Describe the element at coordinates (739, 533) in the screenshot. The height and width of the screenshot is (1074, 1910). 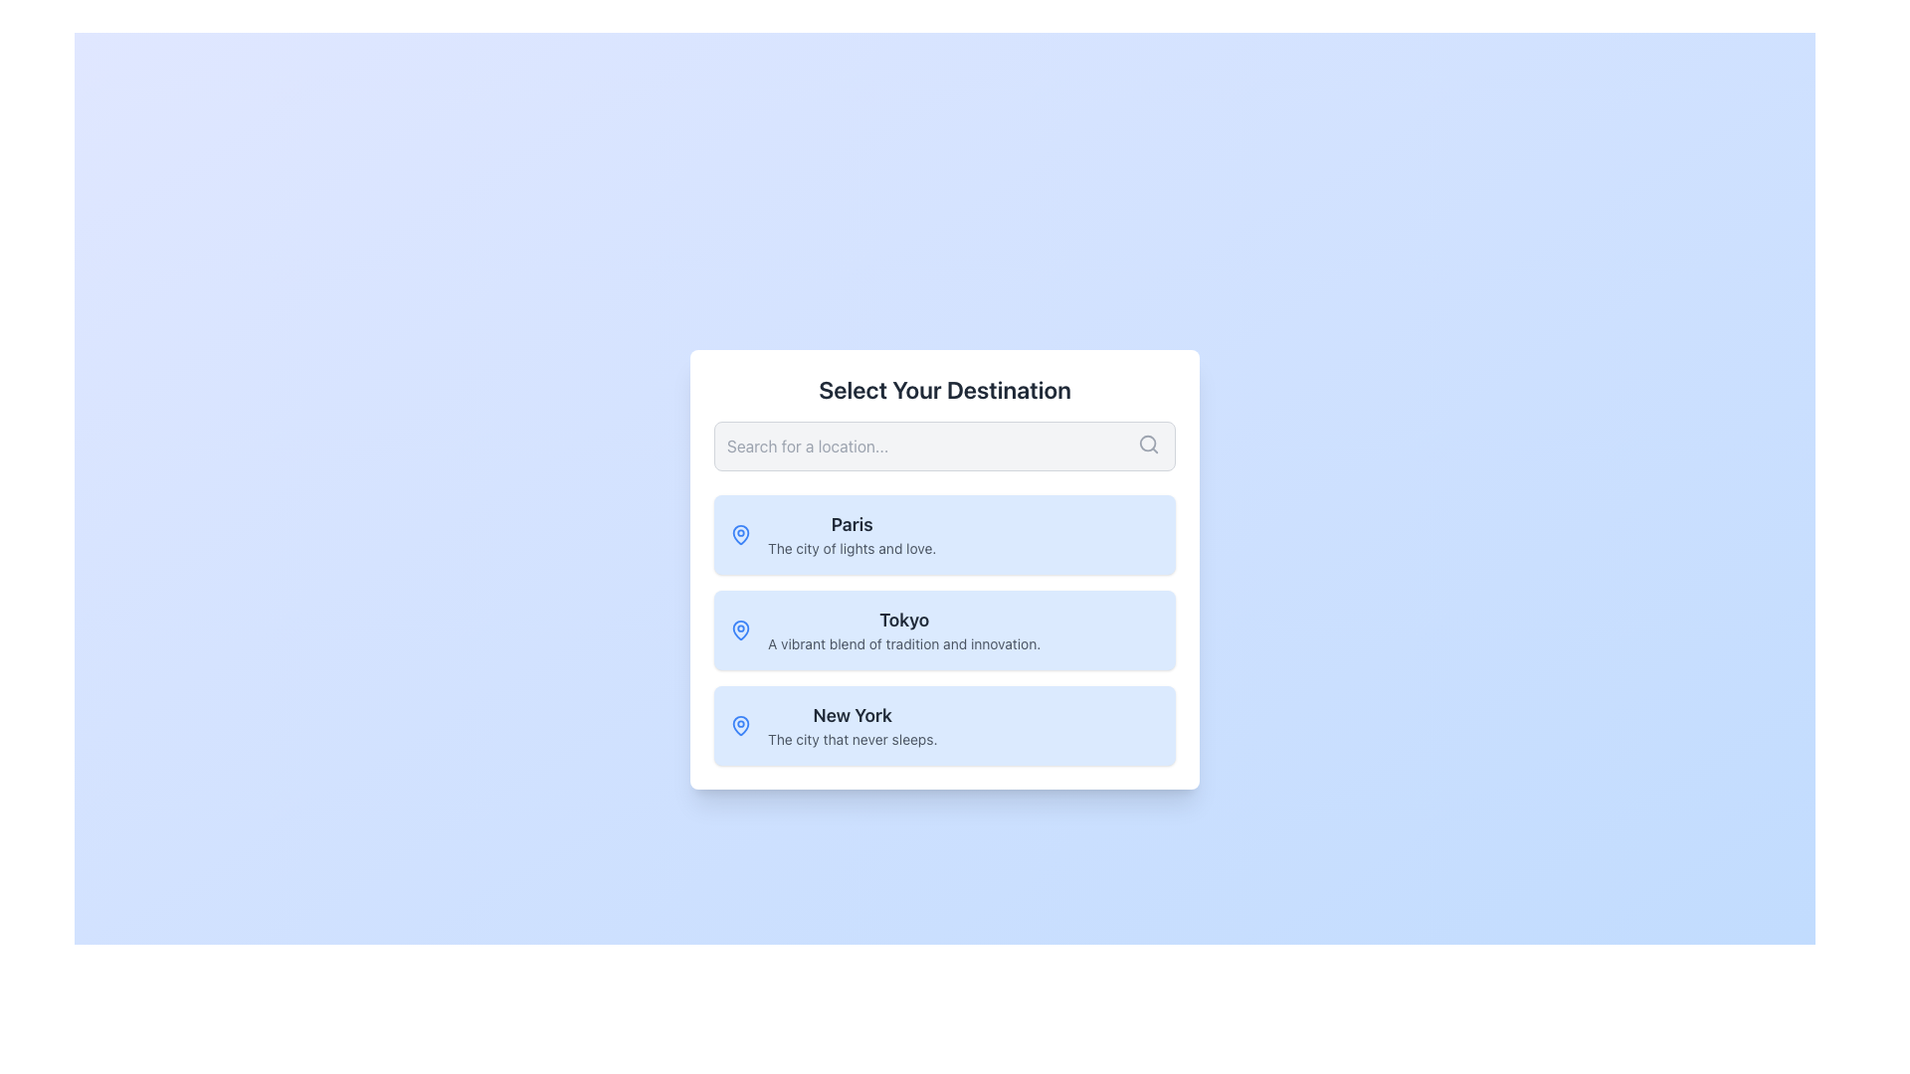
I see `the geographic marker icon representing 'Paris'` at that location.